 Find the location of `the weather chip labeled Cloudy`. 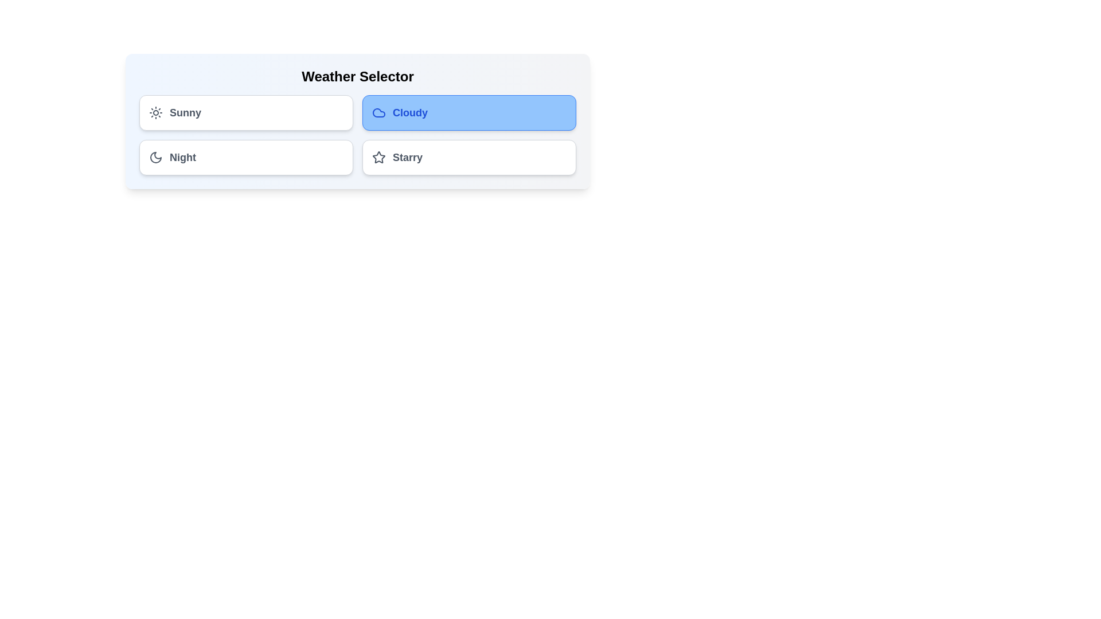

the weather chip labeled Cloudy is located at coordinates (469, 112).